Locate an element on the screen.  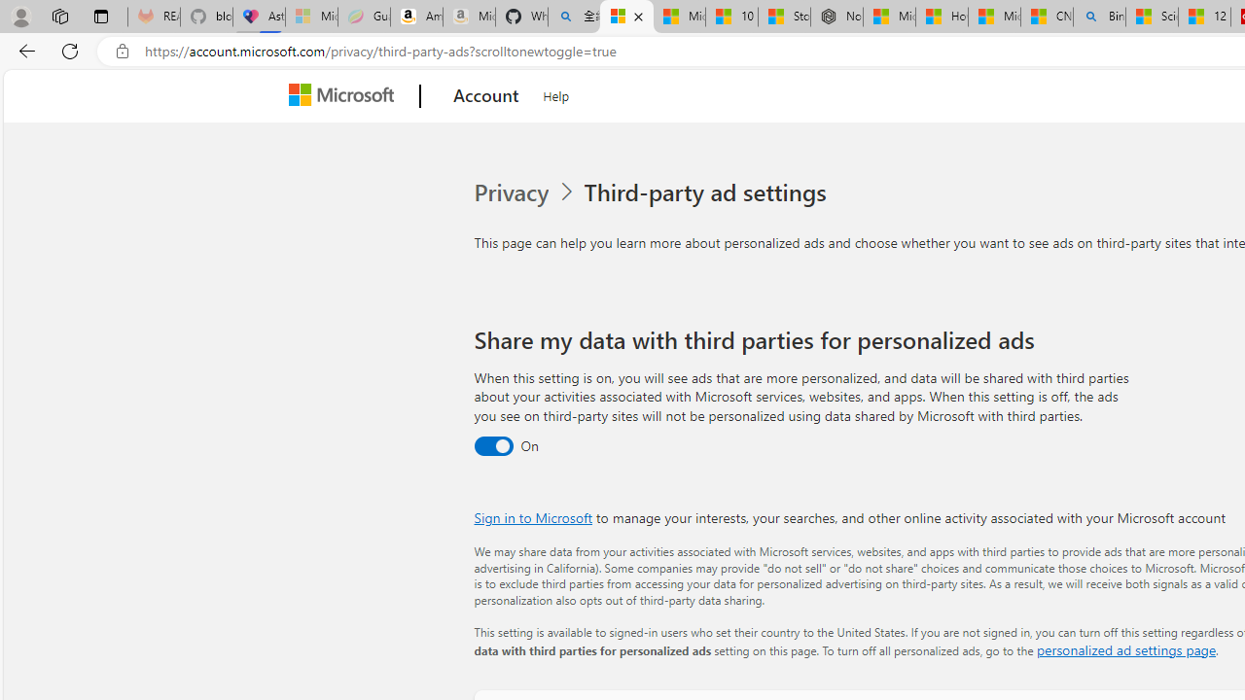
'Third party data sharing toggle' is located at coordinates (492, 446).